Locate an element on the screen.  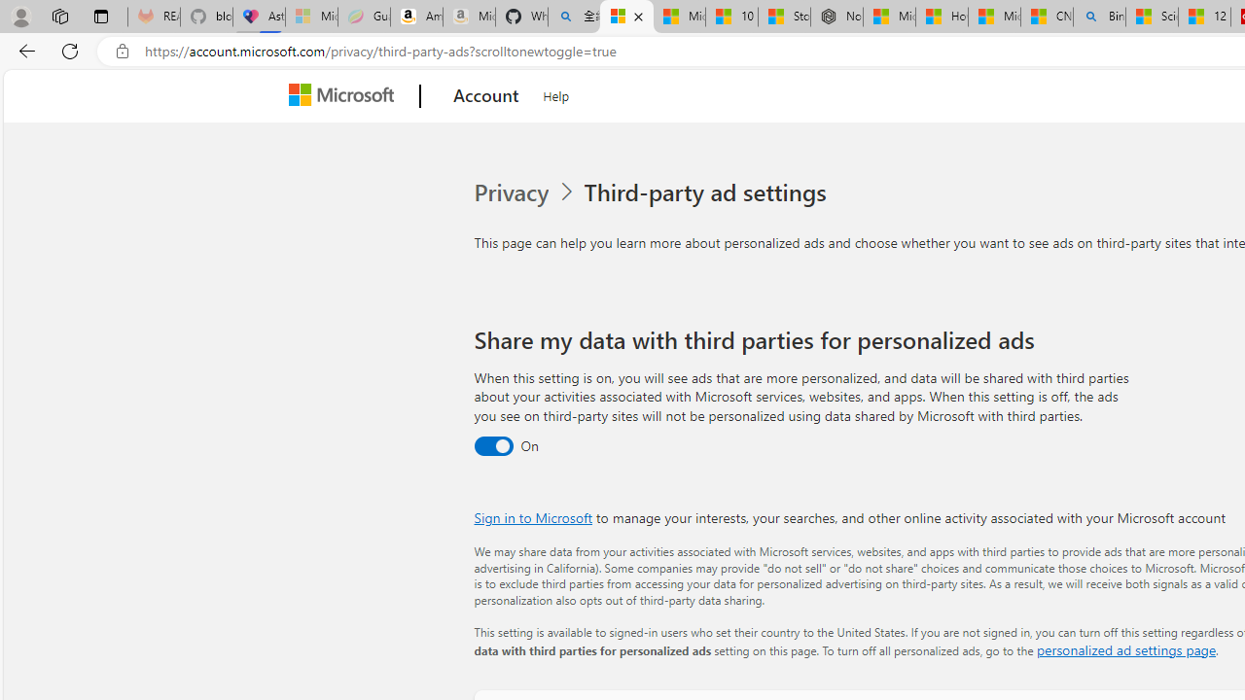
'Third party data sharing toggle' is located at coordinates (492, 446).